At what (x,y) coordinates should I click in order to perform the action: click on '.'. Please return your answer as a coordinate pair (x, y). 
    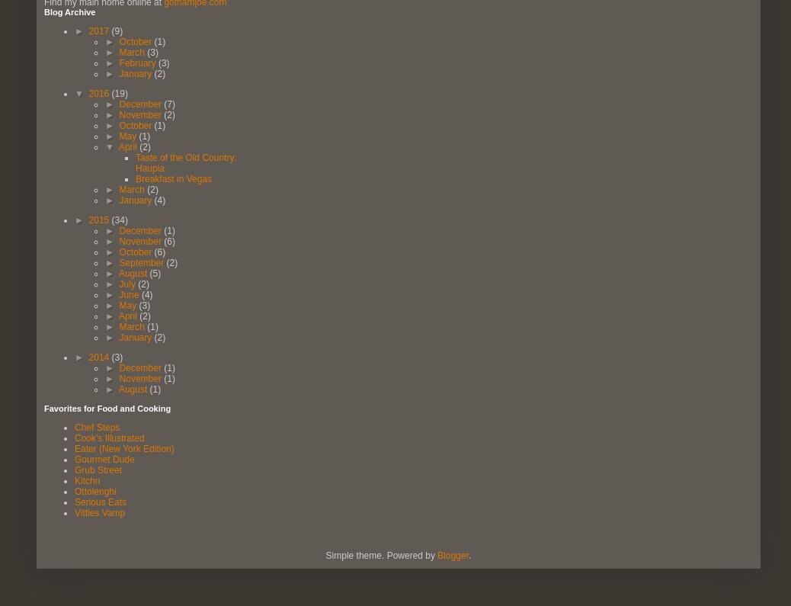
    Looking at the image, I should click on (468, 553).